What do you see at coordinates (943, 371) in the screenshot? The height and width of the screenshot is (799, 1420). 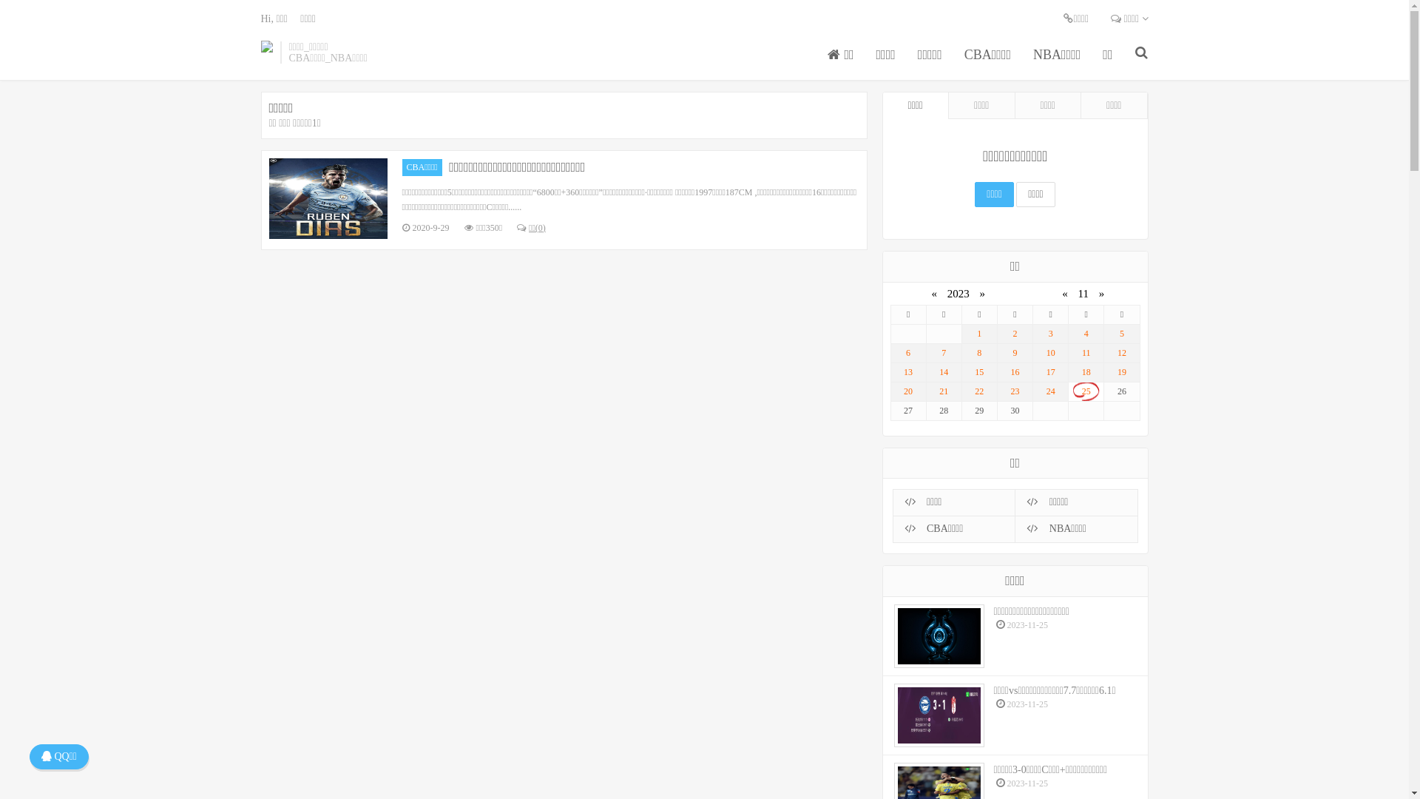 I see `'14'` at bounding box center [943, 371].